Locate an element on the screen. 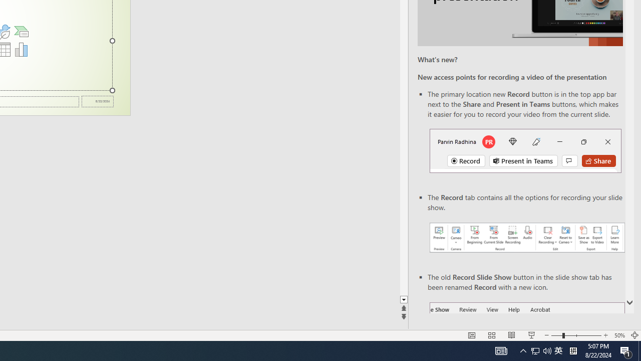  'Insert a SmartArt Graphic' is located at coordinates (21, 31).